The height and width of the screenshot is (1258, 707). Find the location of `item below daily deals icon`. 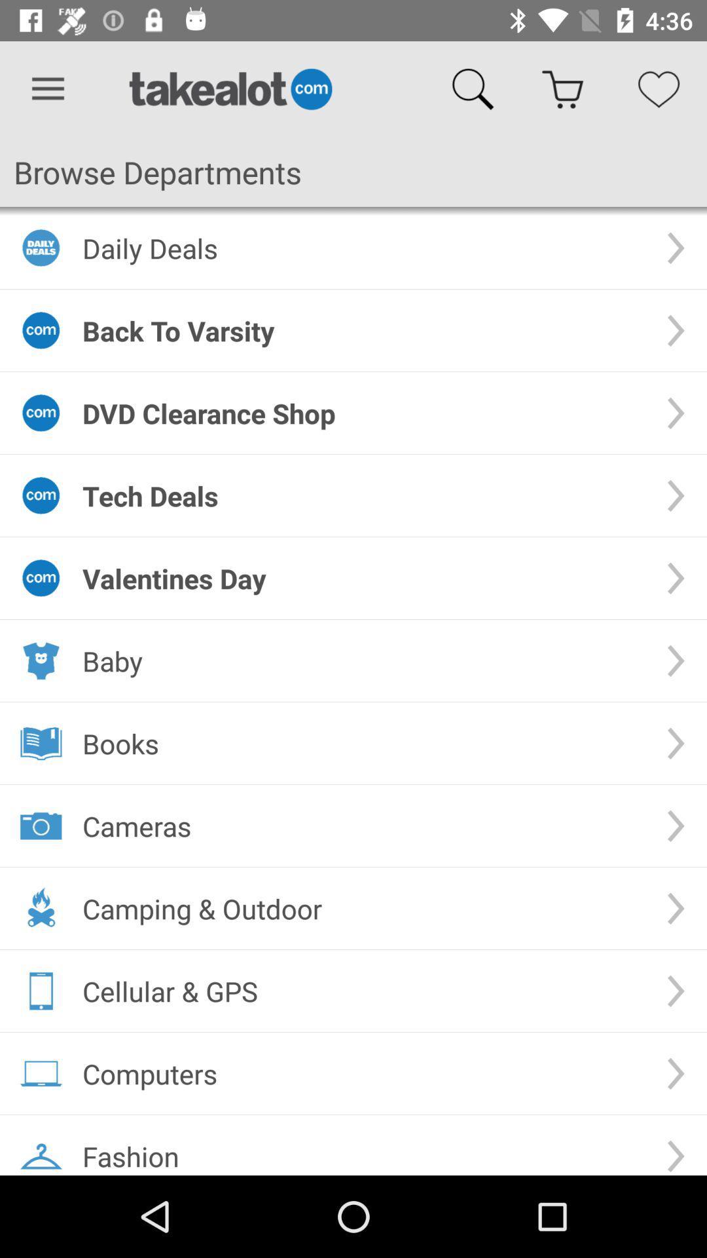

item below daily deals icon is located at coordinates (363, 330).